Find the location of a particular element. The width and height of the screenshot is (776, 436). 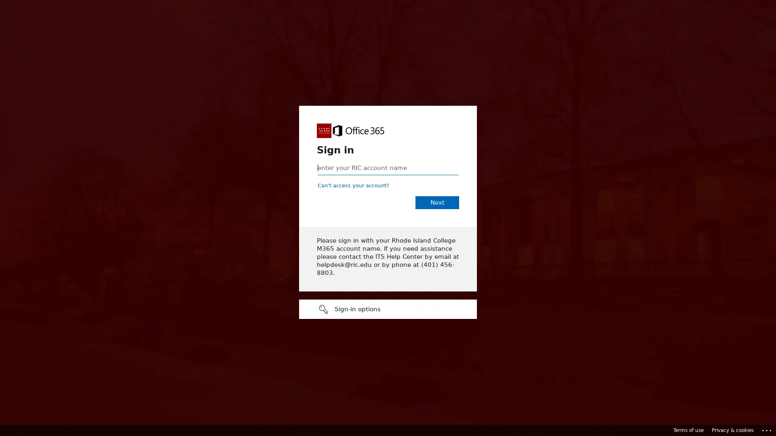

Click here for troubleshooting information is located at coordinates (767, 429).